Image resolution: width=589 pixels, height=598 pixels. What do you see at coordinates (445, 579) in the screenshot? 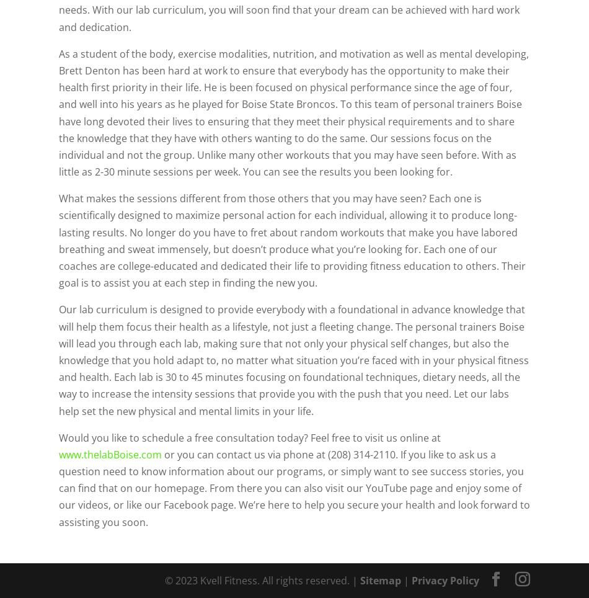
I see `'Privacy Policy'` at bounding box center [445, 579].